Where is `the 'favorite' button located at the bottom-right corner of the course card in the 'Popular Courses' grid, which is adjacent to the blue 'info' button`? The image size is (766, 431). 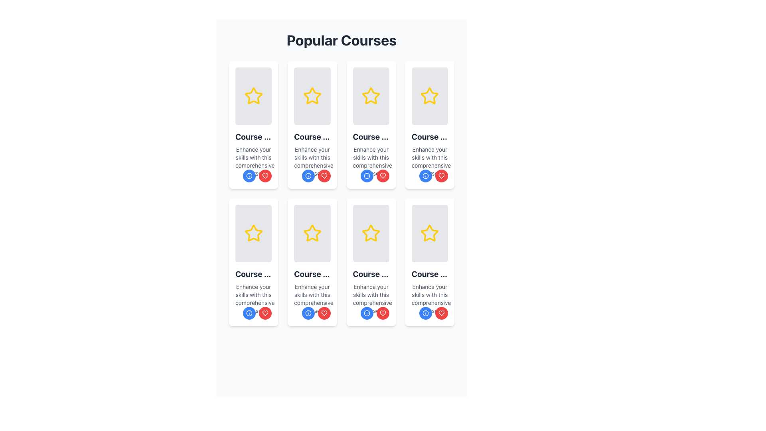
the 'favorite' button located at the bottom-right corner of the course card in the 'Popular Courses' grid, which is adjacent to the blue 'info' button is located at coordinates (316, 313).